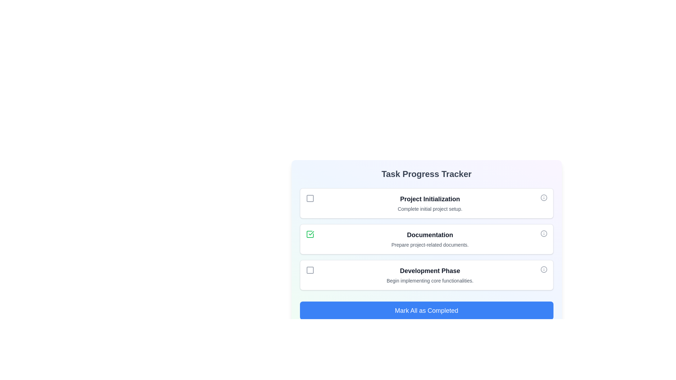  What do you see at coordinates (430, 203) in the screenshot?
I see `text label that displays 'Project Initialization' and its description 'Complete initial project setup.' located in the first row of the task items list` at bounding box center [430, 203].